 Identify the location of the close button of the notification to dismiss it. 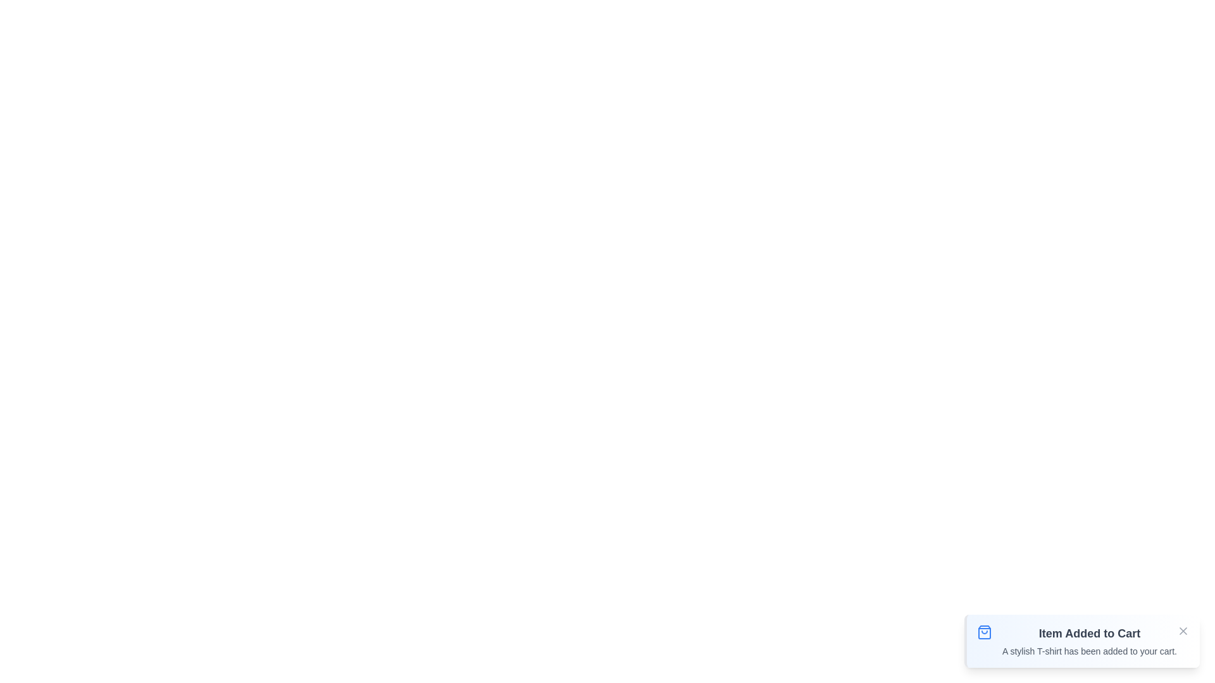
(1183, 631).